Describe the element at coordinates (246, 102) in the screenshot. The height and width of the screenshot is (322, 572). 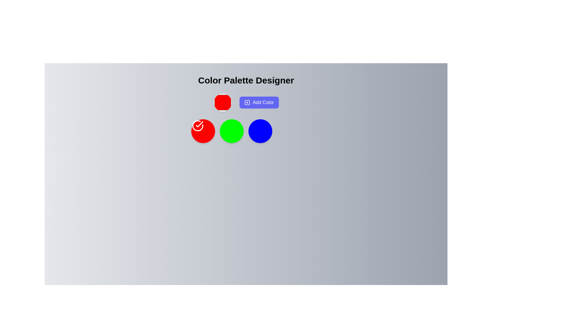
I see `the 'Add Color' button, which is characterized by its white text on a purple background and includes a plus sign icon` at that location.